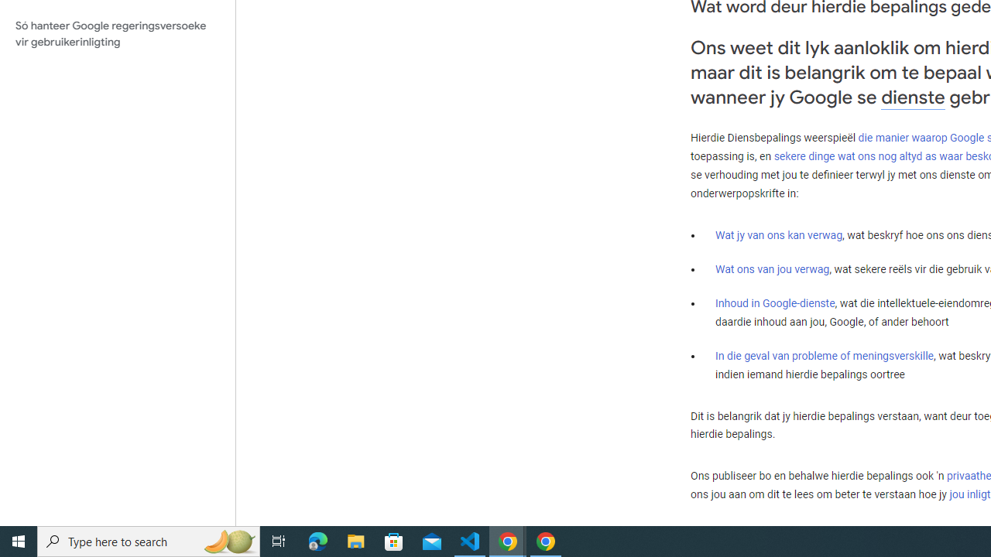 This screenshot has height=557, width=991. What do you see at coordinates (913, 97) in the screenshot?
I see `'dienste'` at bounding box center [913, 97].